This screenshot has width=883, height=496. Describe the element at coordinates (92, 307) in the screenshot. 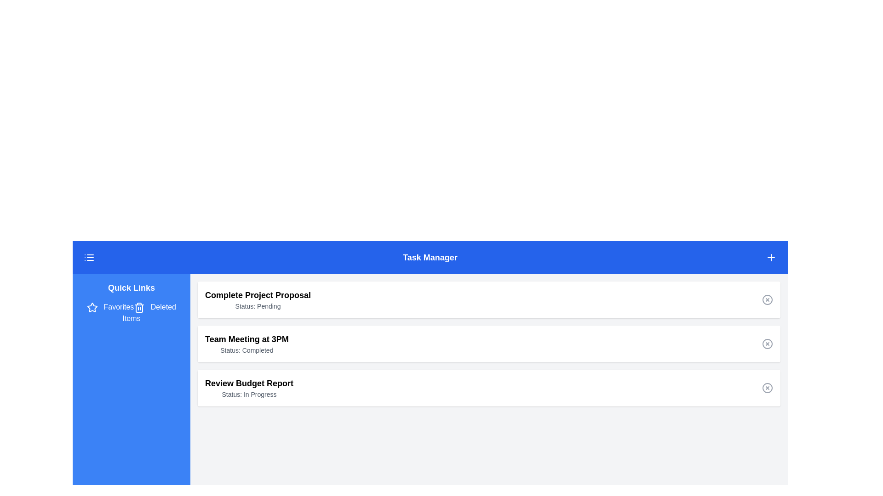

I see `the star-shaped icon with a blue fill and a white border located in the navigation panel` at that location.